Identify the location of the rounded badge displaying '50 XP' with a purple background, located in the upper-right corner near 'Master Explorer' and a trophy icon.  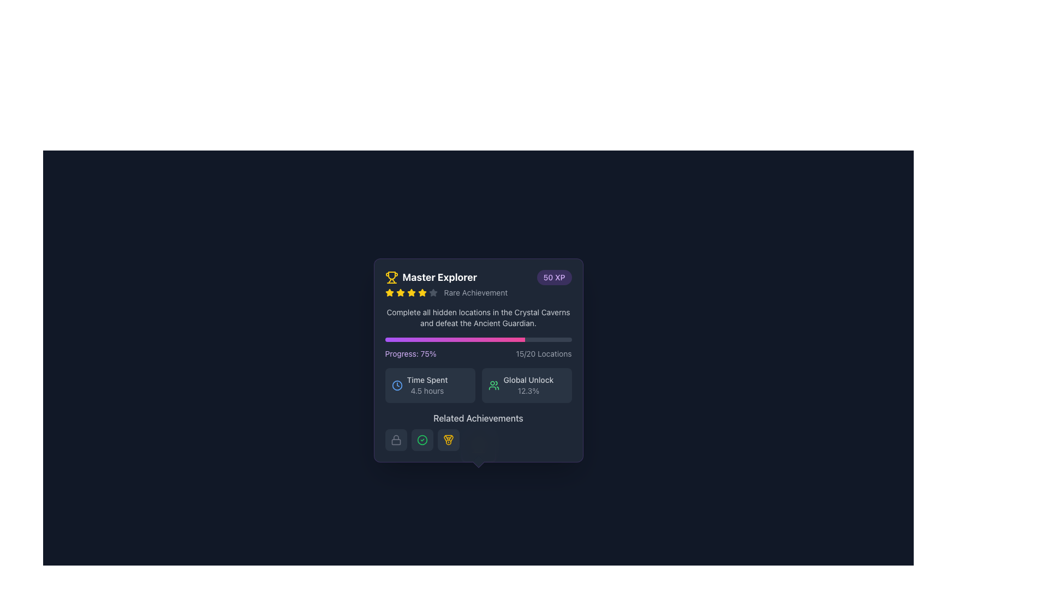
(554, 277).